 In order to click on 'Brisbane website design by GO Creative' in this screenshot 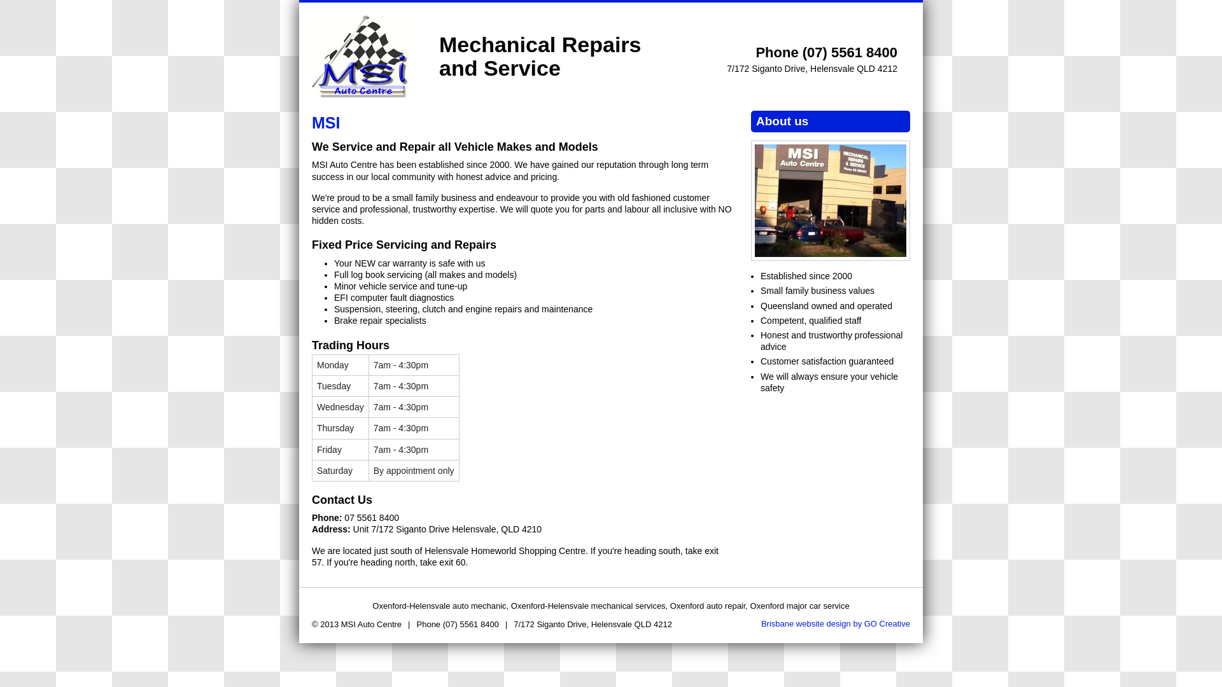, I will do `click(836, 623)`.